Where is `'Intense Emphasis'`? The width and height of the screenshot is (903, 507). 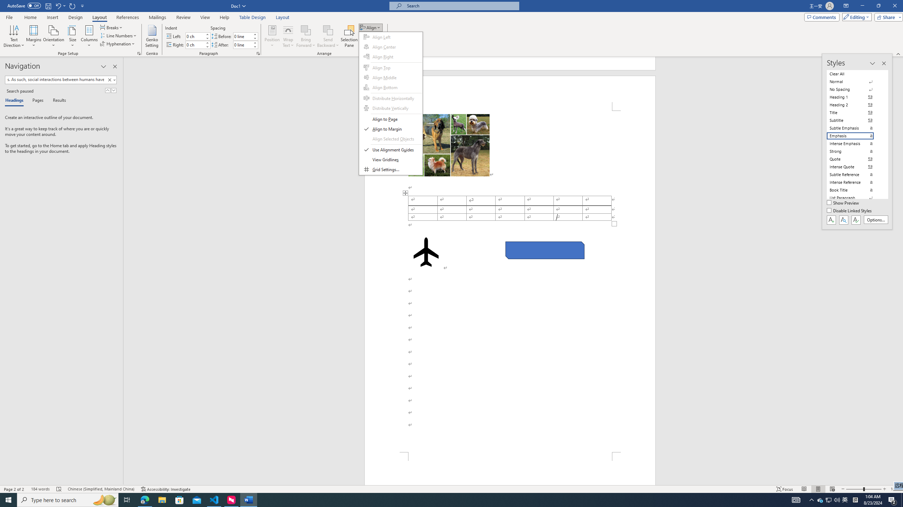 'Intense Emphasis' is located at coordinates (854, 143).